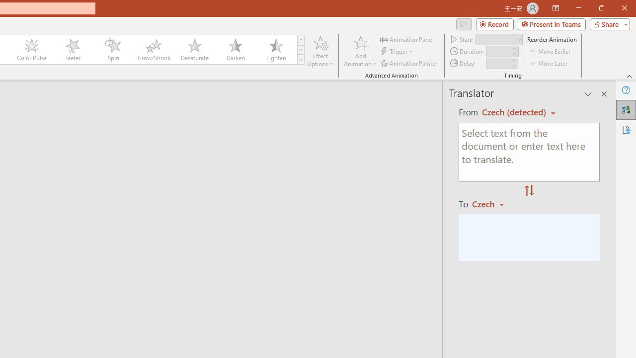  Describe the element at coordinates (300, 60) in the screenshot. I see `'Animation Styles'` at that location.